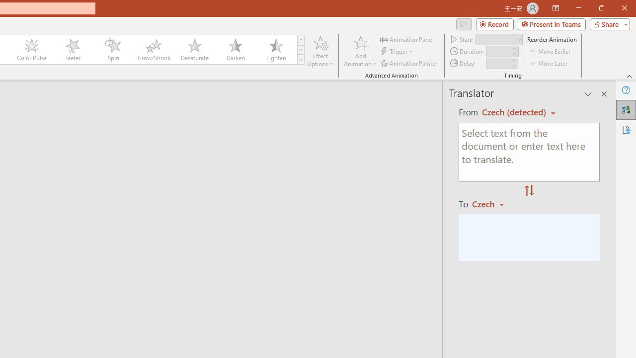  Describe the element at coordinates (300, 60) in the screenshot. I see `'Animation Styles'` at that location.